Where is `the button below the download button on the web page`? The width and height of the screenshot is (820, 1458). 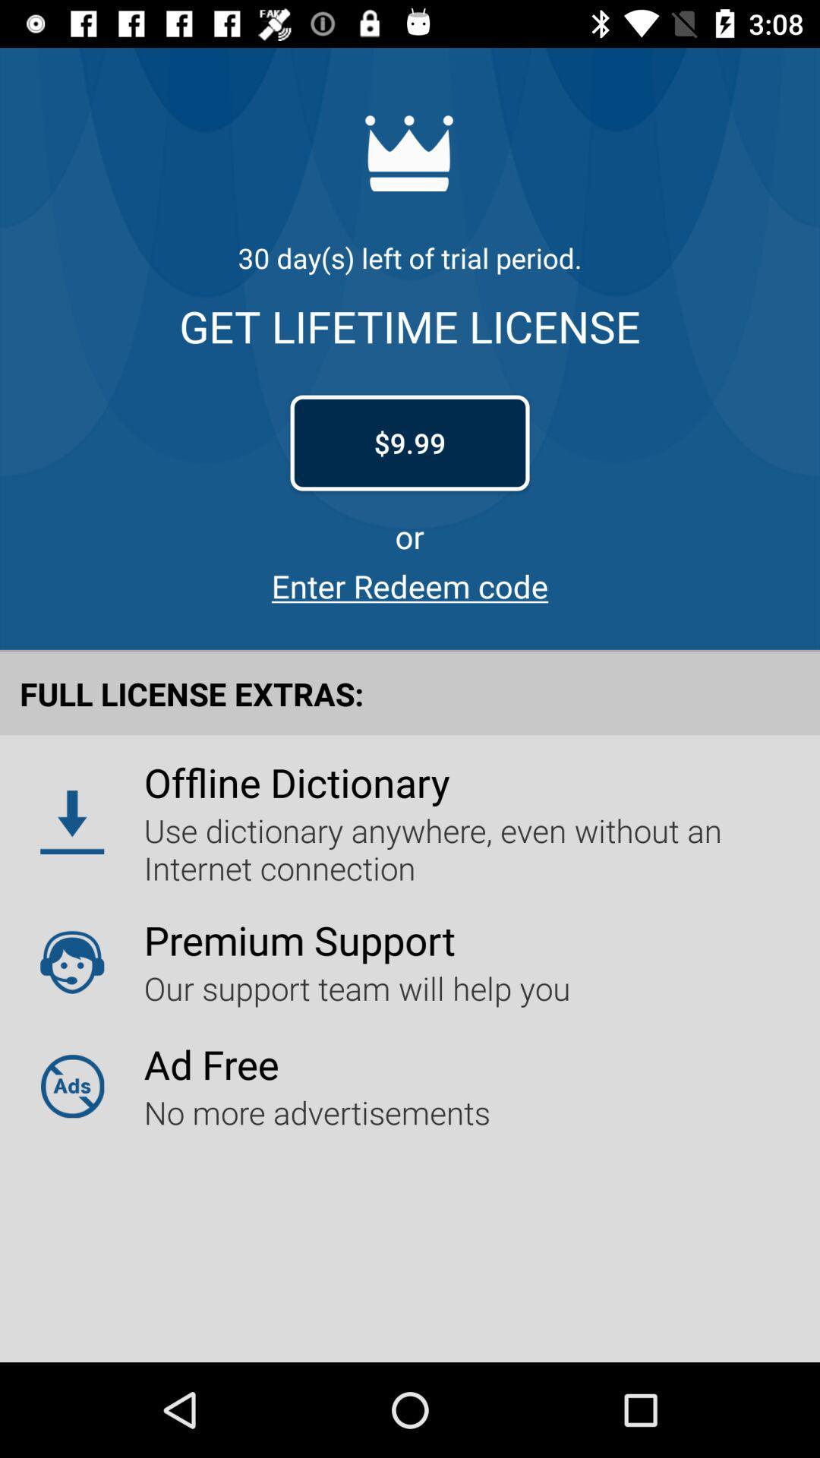 the button below the download button on the web page is located at coordinates (72, 961).